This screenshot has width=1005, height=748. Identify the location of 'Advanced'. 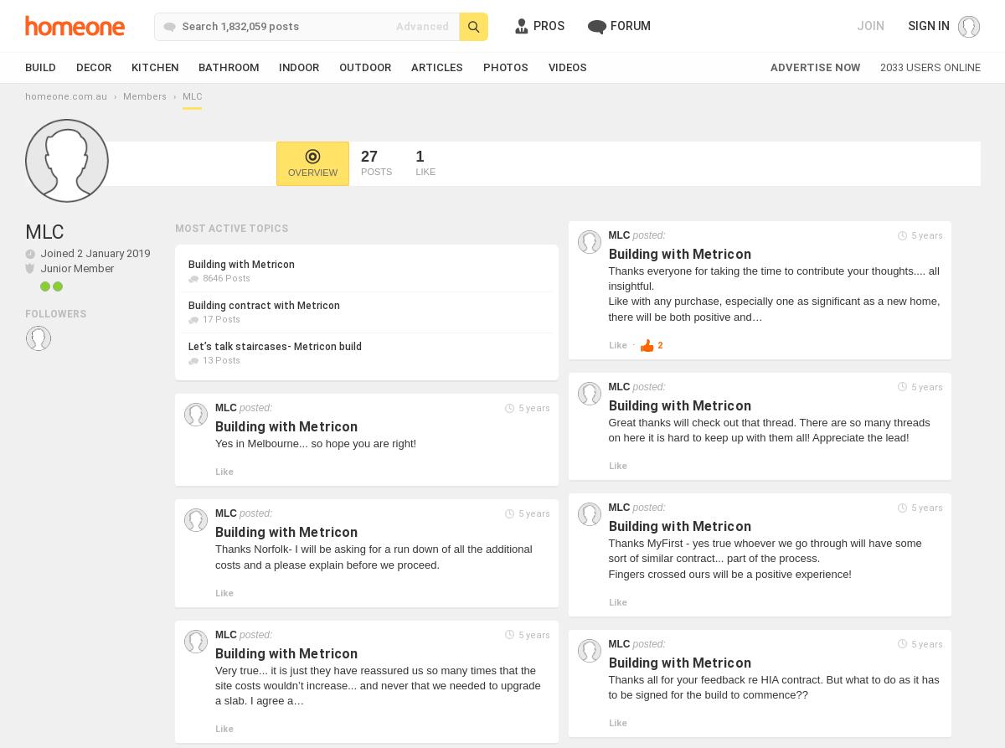
(421, 26).